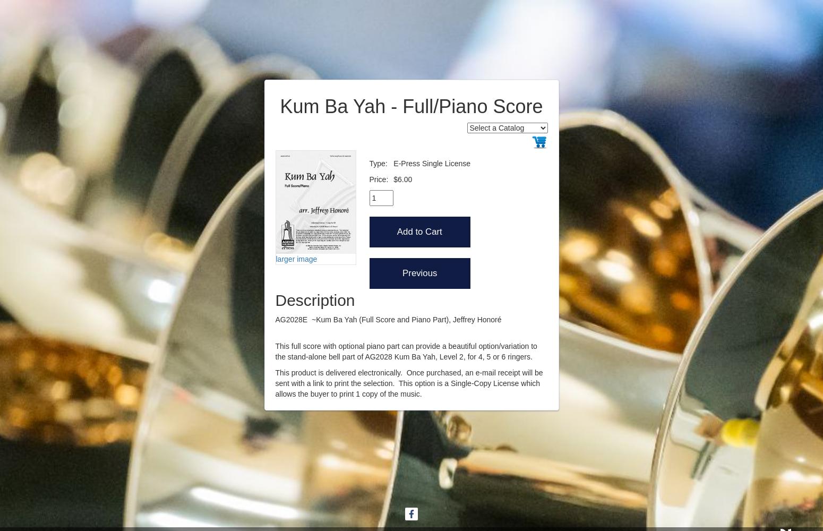  I want to click on 'E-Press Single License', so click(431, 163).